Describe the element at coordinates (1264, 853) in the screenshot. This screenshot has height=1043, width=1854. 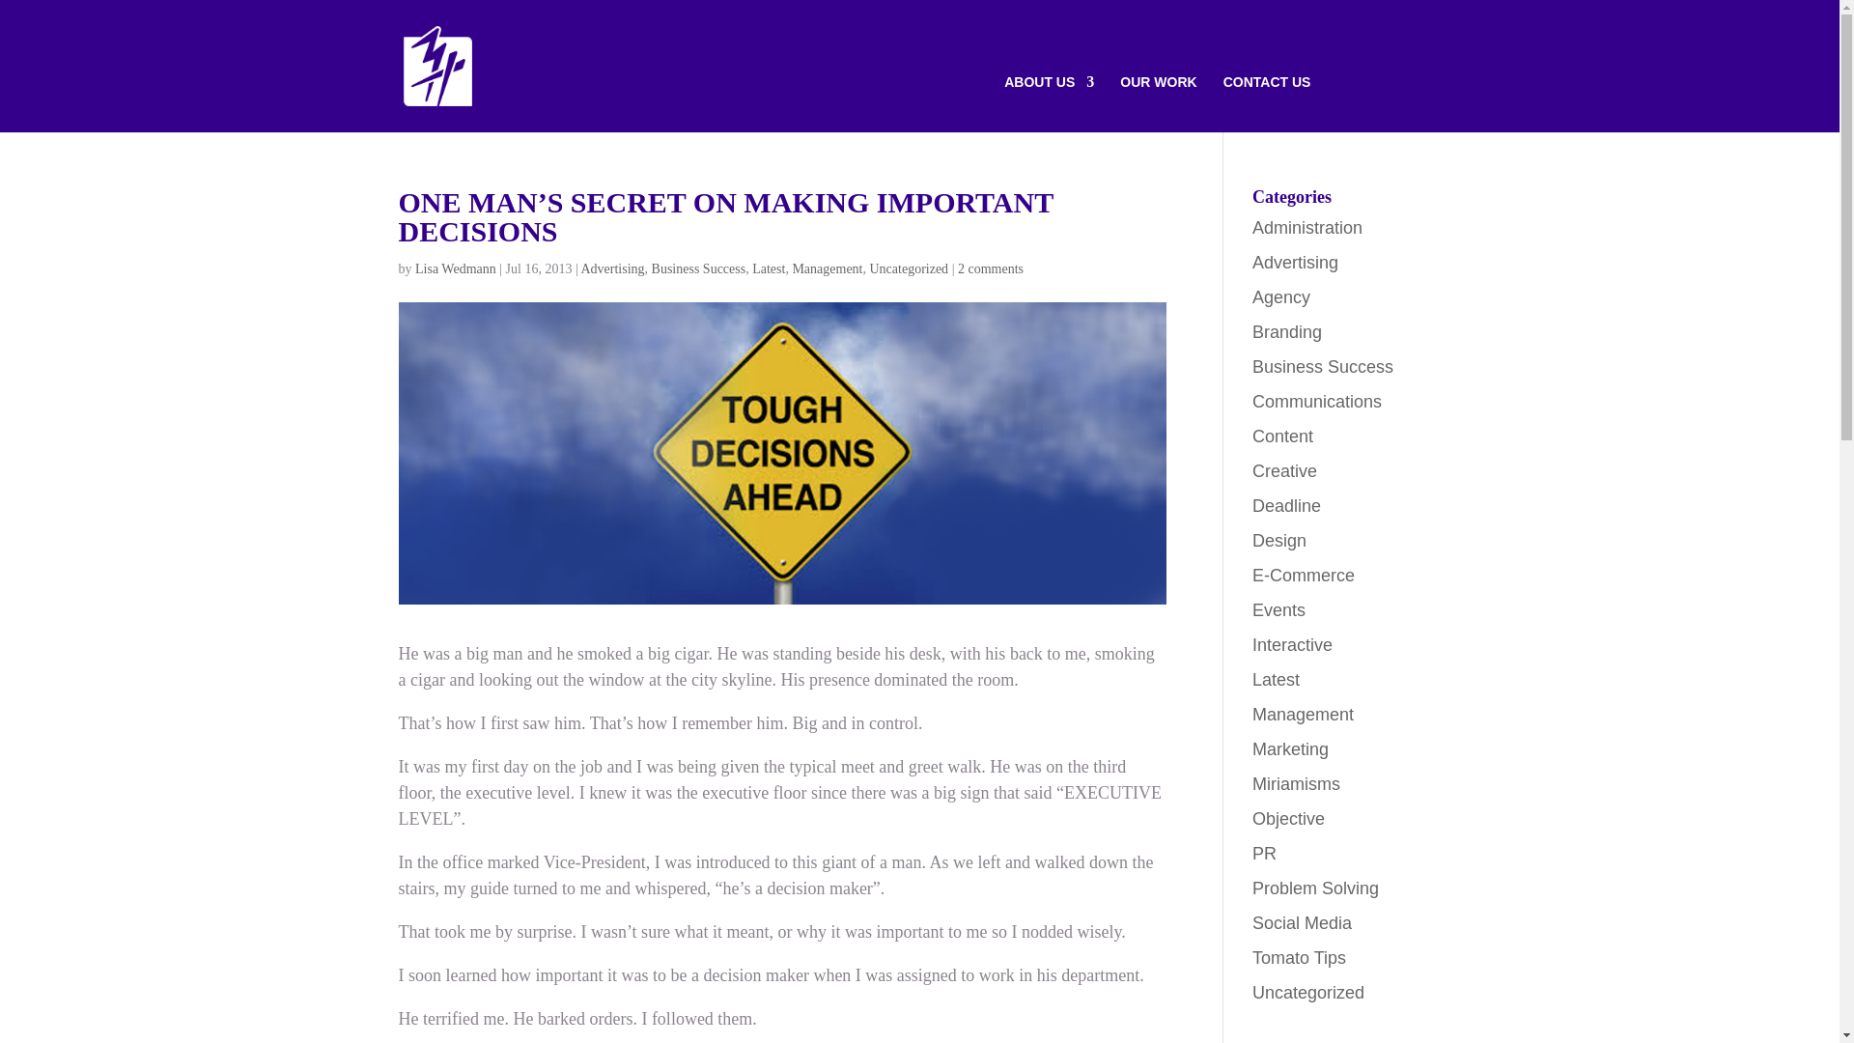
I see `'PR'` at that location.